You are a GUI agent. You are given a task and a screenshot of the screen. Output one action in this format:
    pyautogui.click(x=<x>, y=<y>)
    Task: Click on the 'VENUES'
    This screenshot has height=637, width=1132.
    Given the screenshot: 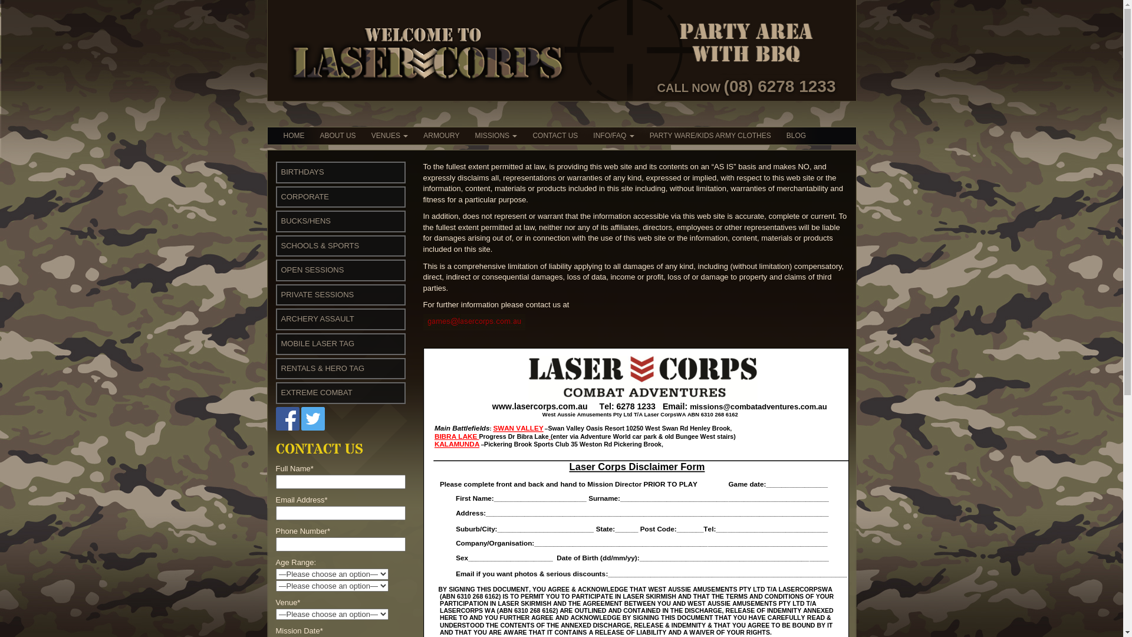 What is the action you would take?
    pyautogui.click(x=363, y=135)
    